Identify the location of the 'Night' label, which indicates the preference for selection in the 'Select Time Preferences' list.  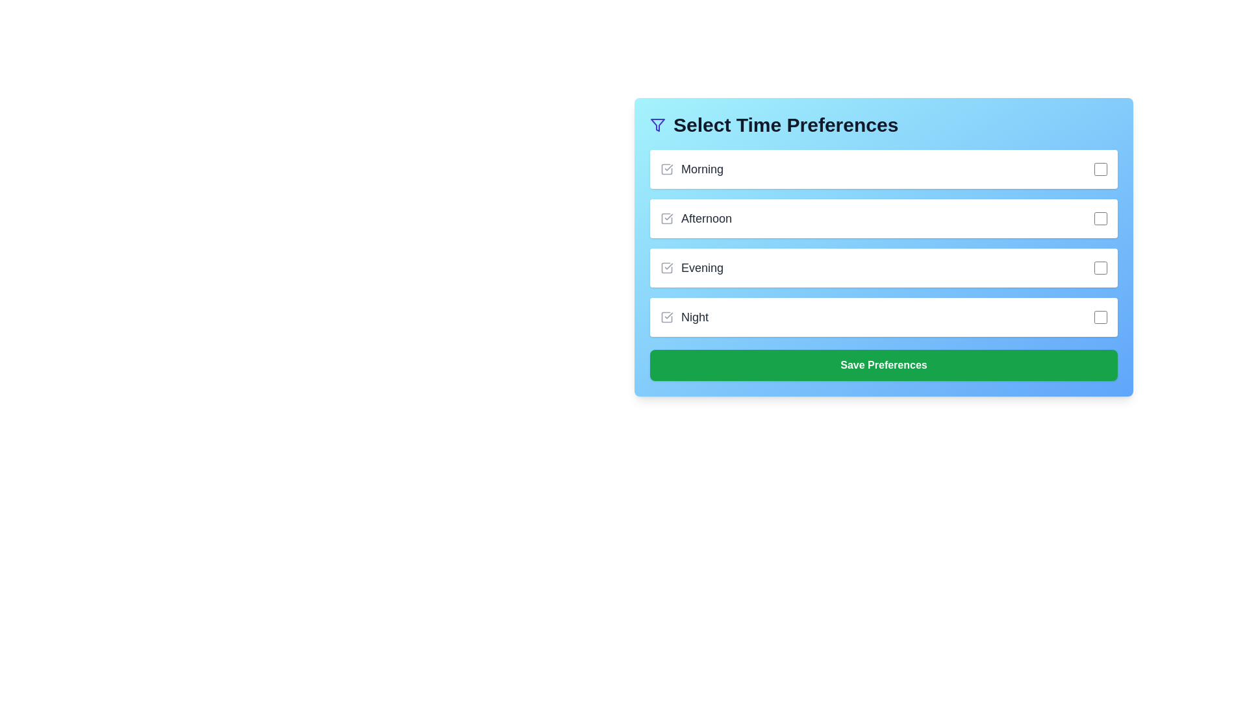
(684, 317).